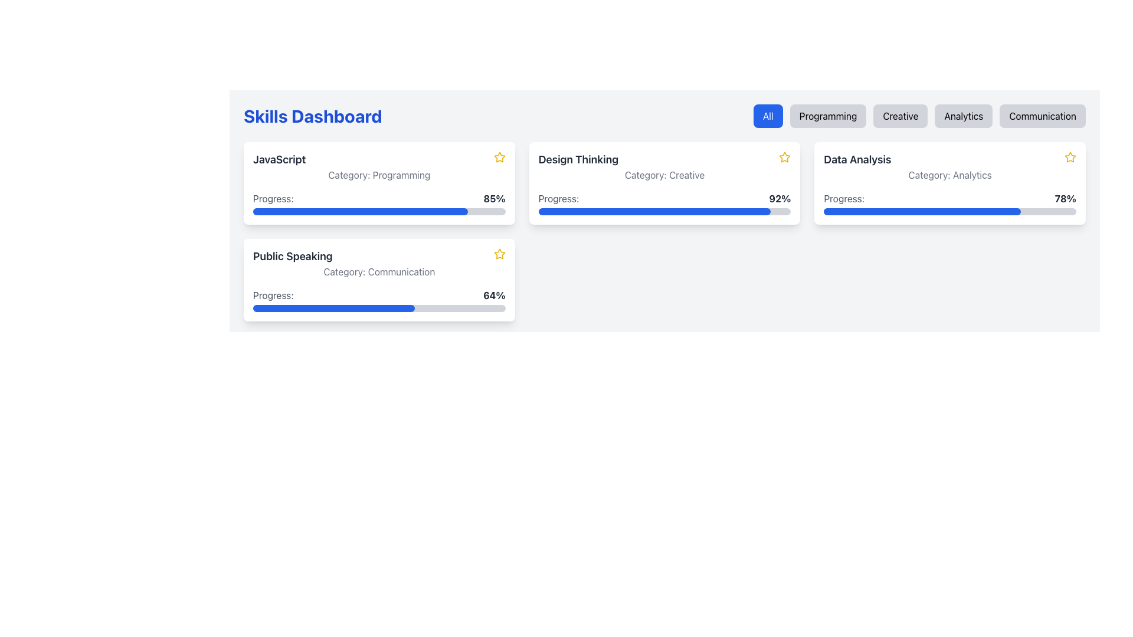 The width and height of the screenshot is (1133, 637). Describe the element at coordinates (857, 159) in the screenshot. I see `the Text Label that serves as the title of the card, located in the top-right card of the grid, positioned above the progress bar and 'Category: Analytics' text` at that location.